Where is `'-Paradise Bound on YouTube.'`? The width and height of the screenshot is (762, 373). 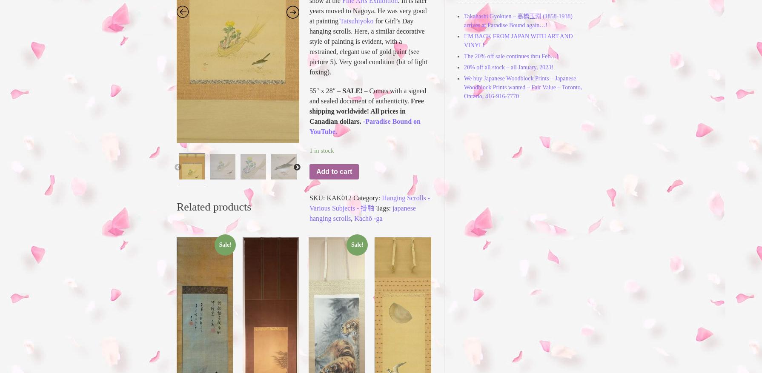
'-Paradise Bound on YouTube.' is located at coordinates (364, 126).